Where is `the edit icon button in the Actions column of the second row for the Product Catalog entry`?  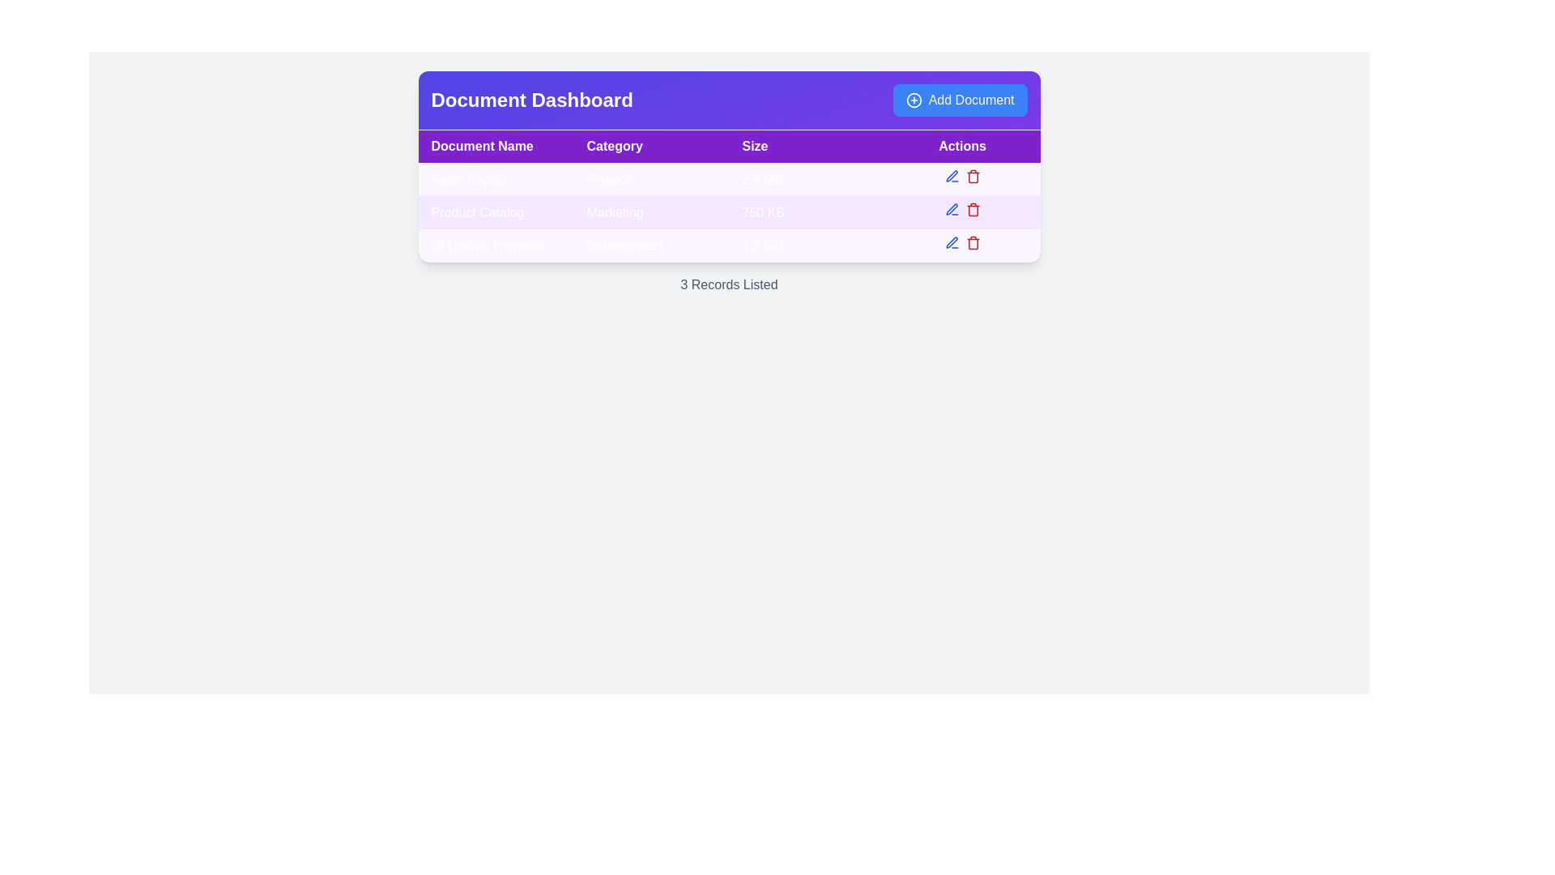 the edit icon button in the Actions column of the second row for the Product Catalog entry is located at coordinates (952, 176).